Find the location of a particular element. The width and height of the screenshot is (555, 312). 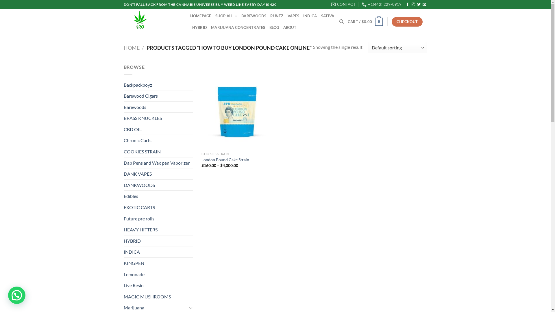

'Backpackboyz' is located at coordinates (158, 85).